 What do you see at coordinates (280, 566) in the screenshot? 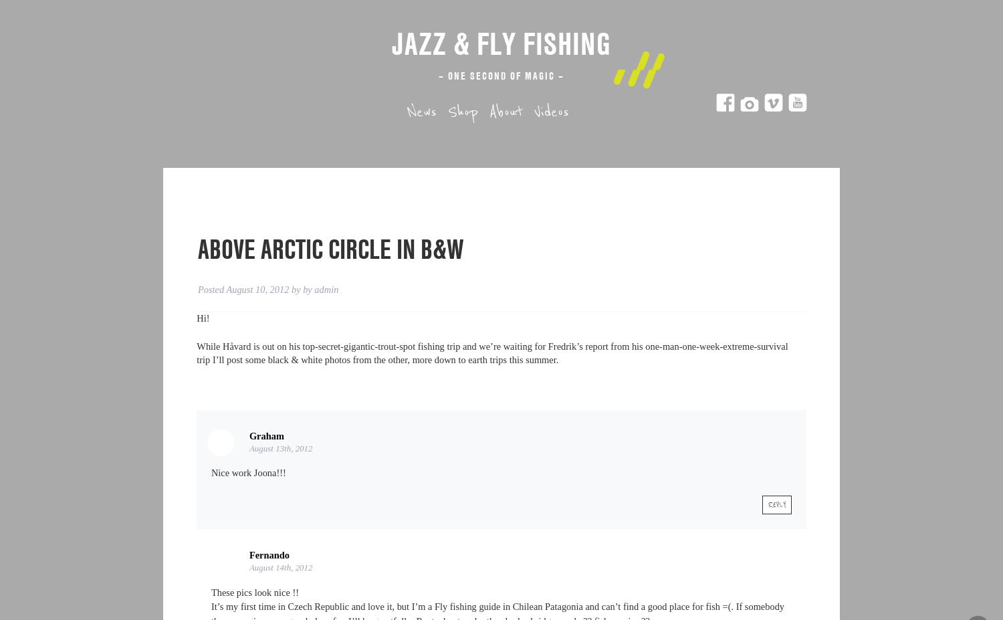
I see `'August 14th, 2012'` at bounding box center [280, 566].